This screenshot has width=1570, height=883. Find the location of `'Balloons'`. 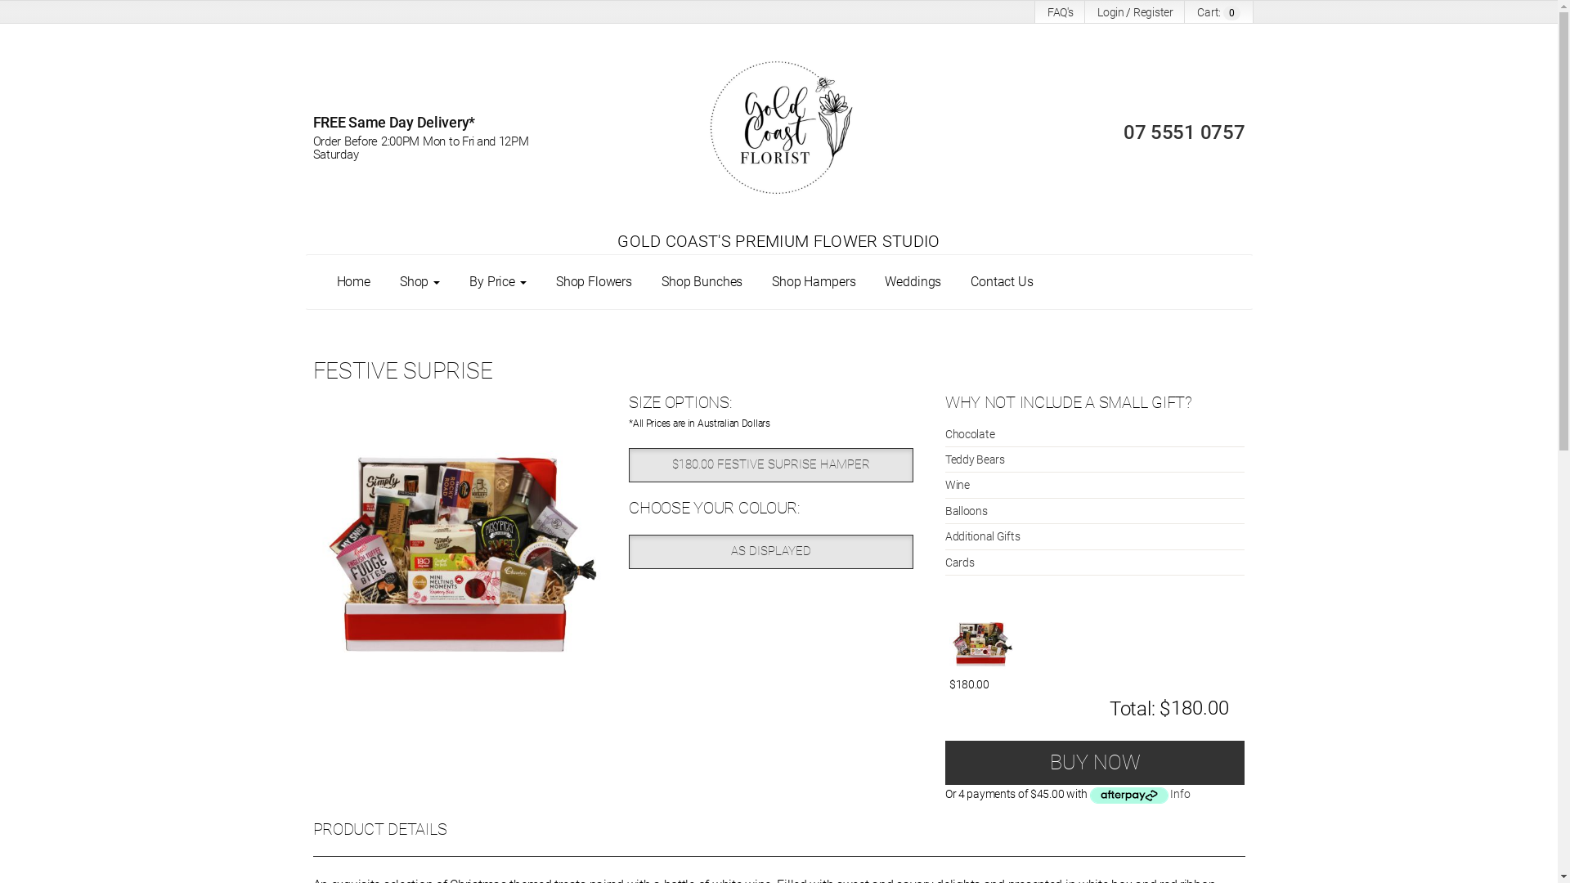

'Balloons' is located at coordinates (1095, 509).